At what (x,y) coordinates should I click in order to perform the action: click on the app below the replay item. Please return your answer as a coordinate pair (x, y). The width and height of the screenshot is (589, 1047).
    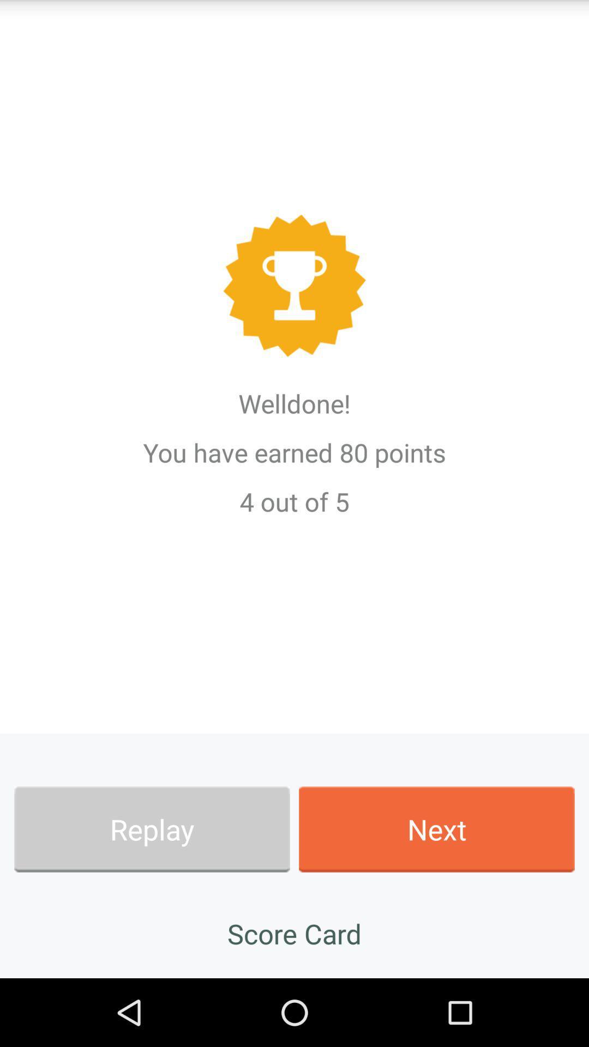
    Looking at the image, I should click on (294, 933).